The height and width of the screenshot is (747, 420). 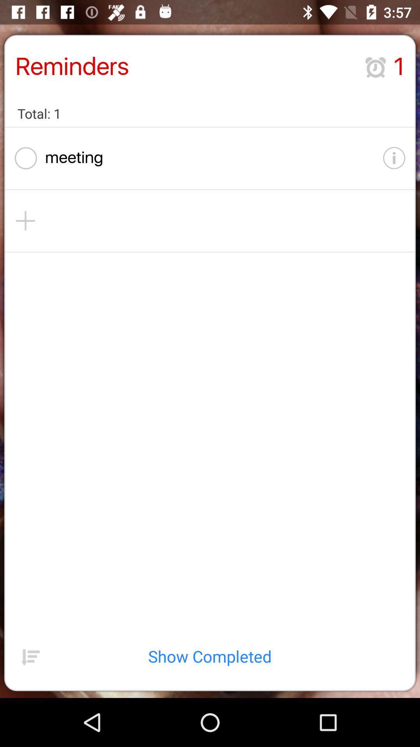 What do you see at coordinates (375, 67) in the screenshot?
I see `clock icon` at bounding box center [375, 67].